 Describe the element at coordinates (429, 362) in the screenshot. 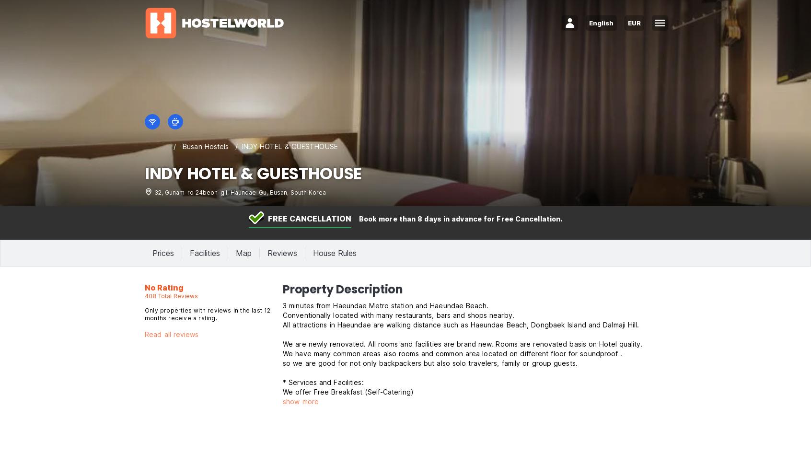

I see `'so we are  good for not only  backpackers  but also solo travelers, family or group guests.'` at that location.